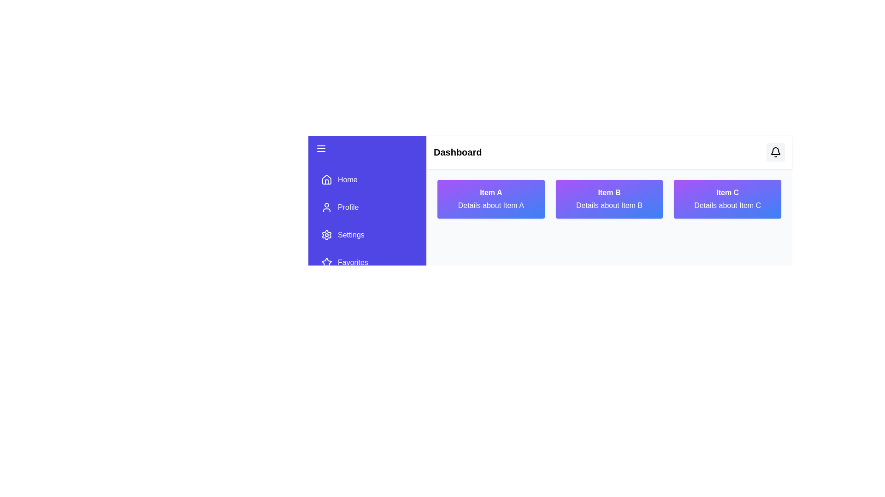 This screenshot has width=885, height=497. I want to click on the 'Home' icon located in the left-side navigation menu, which serves as a visual representation of the current section, so click(327, 179).